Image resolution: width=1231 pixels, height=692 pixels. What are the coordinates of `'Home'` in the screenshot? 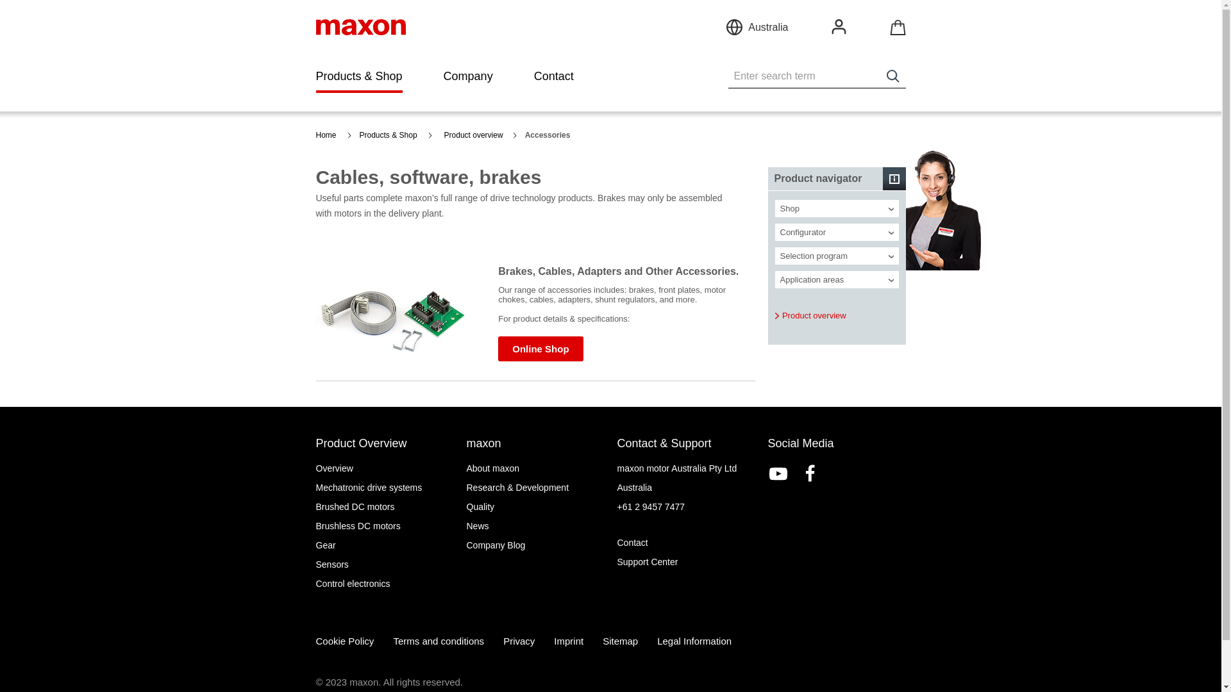 It's located at (333, 135).